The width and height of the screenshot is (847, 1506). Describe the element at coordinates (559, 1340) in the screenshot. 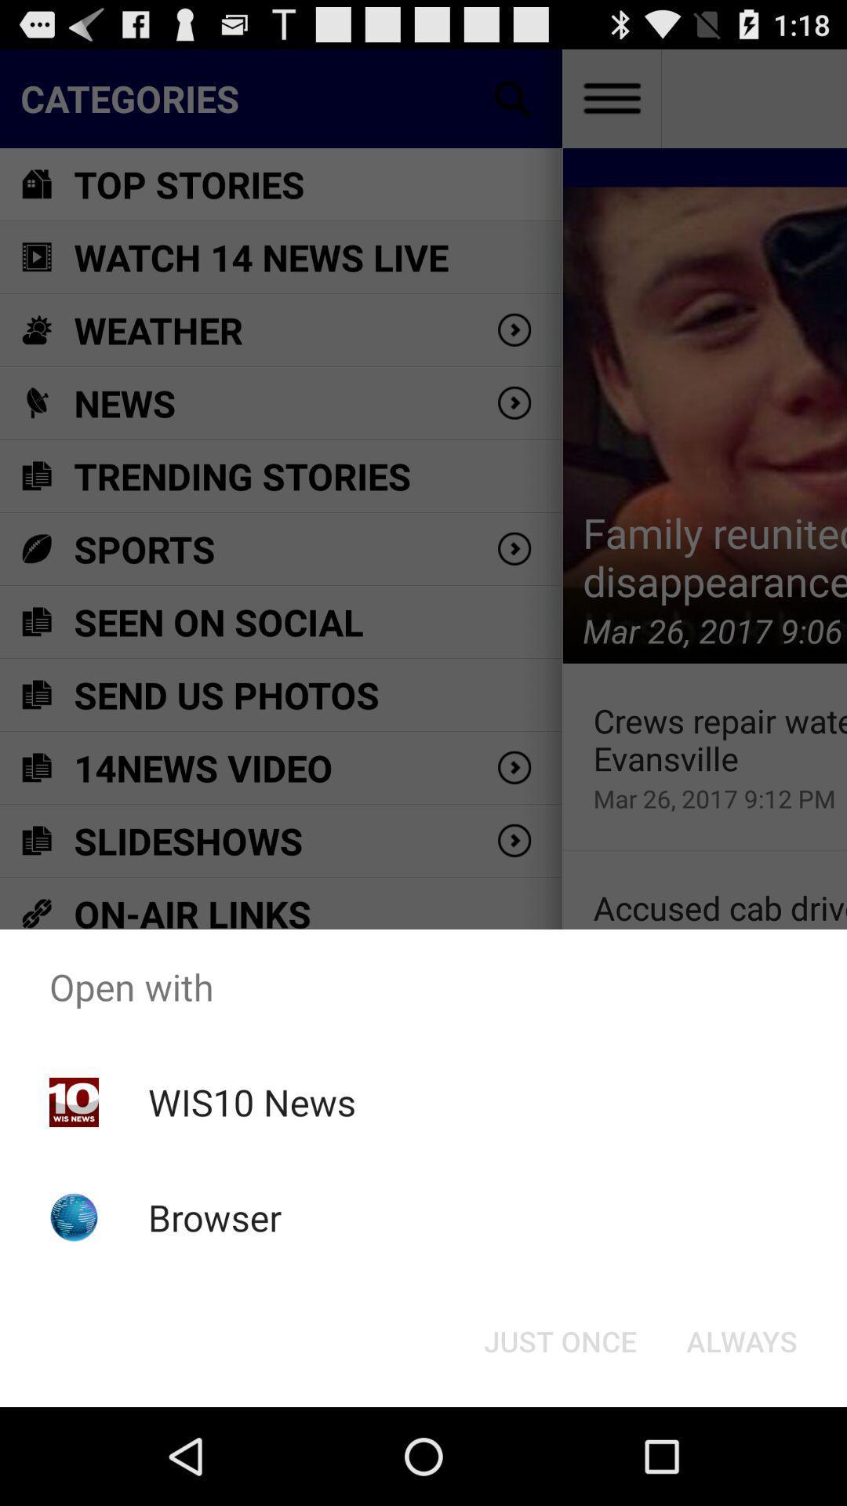

I see `button to the left of always item` at that location.